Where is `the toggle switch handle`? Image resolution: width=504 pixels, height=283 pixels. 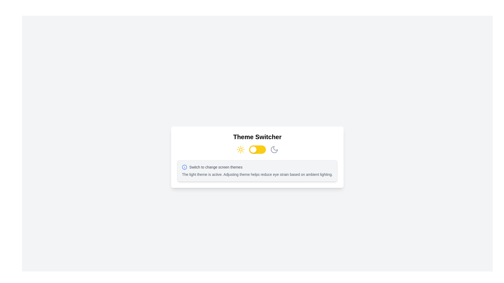
the toggle switch handle is located at coordinates (253, 149).